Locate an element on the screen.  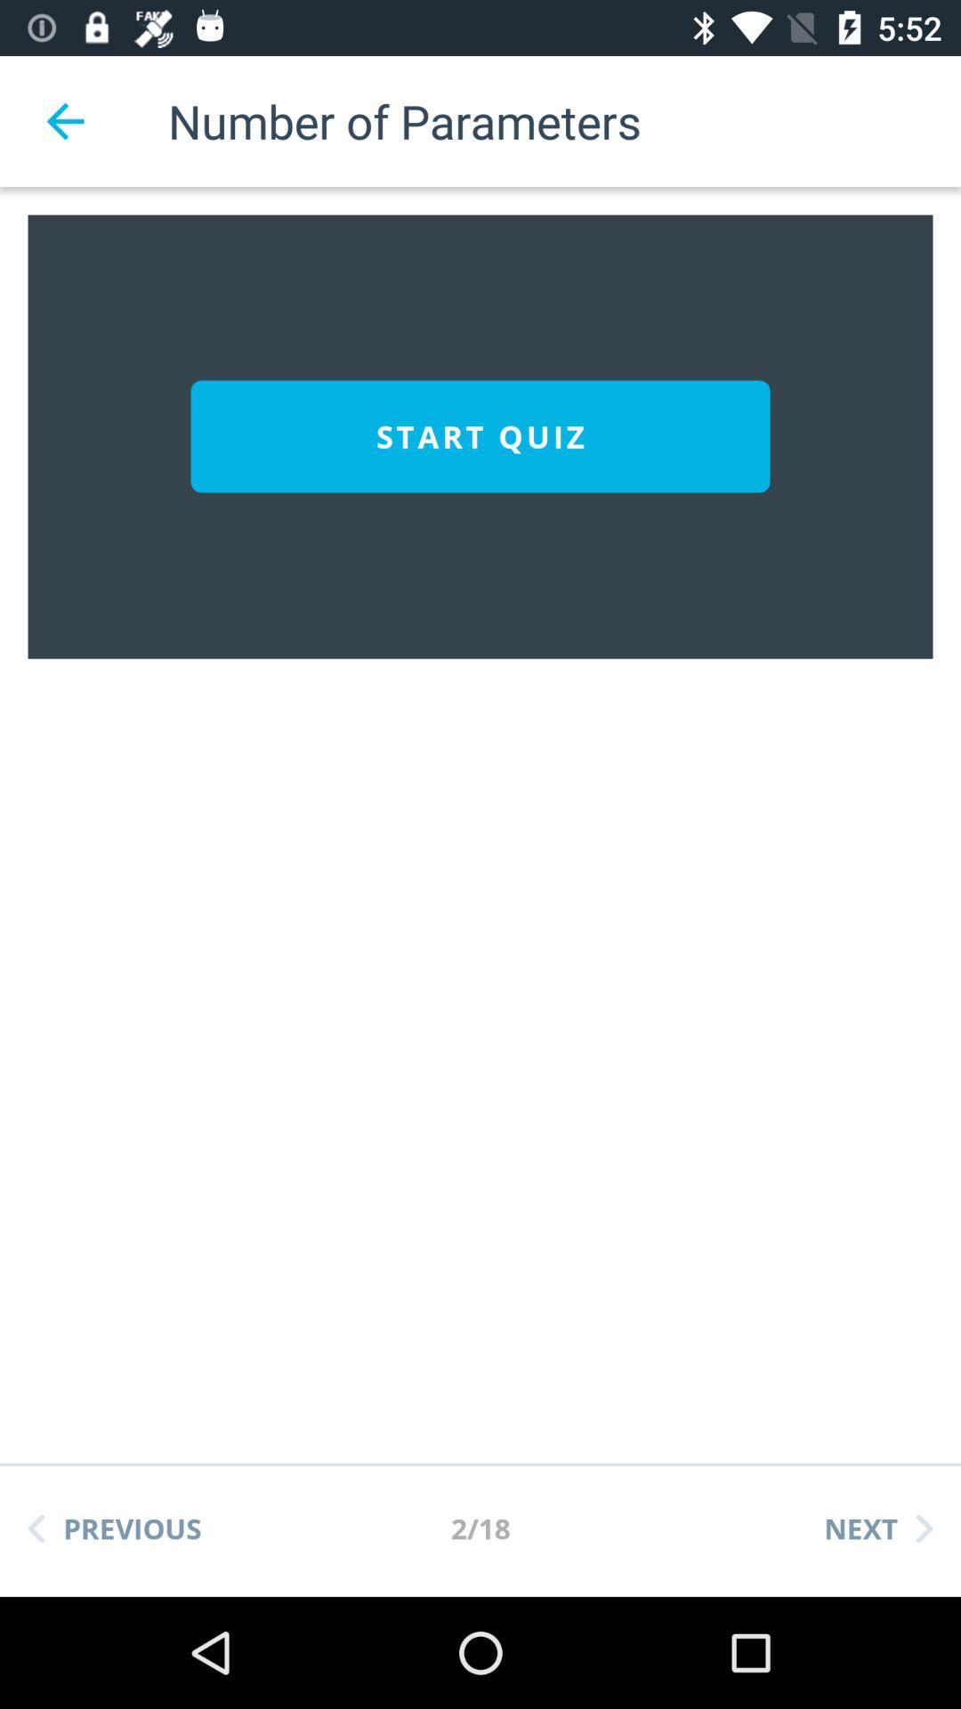
next is located at coordinates (877, 1527).